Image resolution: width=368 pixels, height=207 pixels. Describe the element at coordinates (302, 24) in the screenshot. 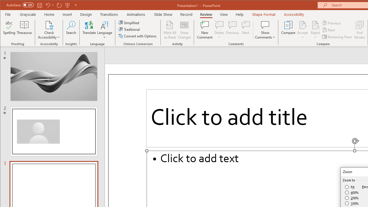

I see `'Accept Change'` at that location.